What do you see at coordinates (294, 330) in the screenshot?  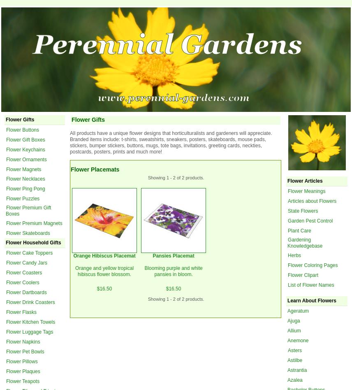 I see `'Allium'` at bounding box center [294, 330].